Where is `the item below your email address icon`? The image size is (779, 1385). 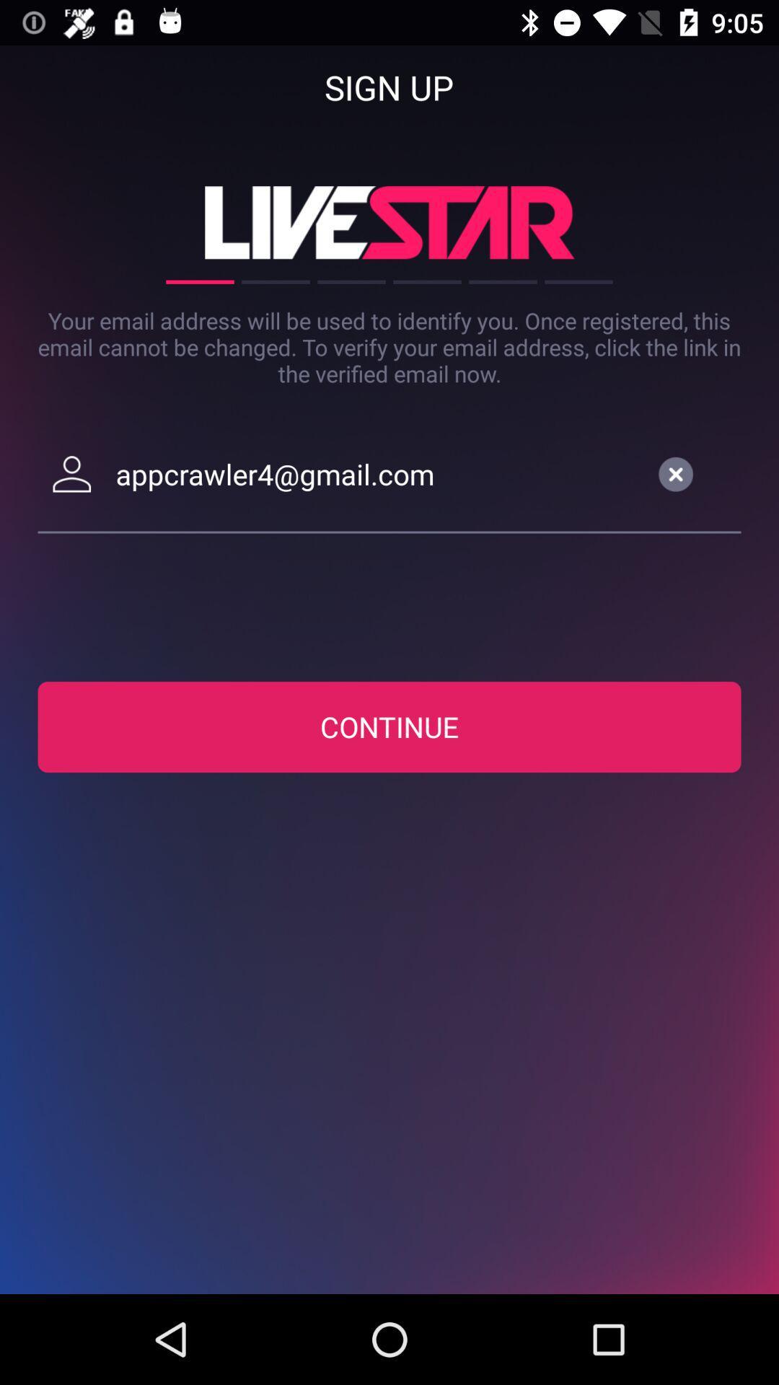 the item below your email address icon is located at coordinates (377, 474).